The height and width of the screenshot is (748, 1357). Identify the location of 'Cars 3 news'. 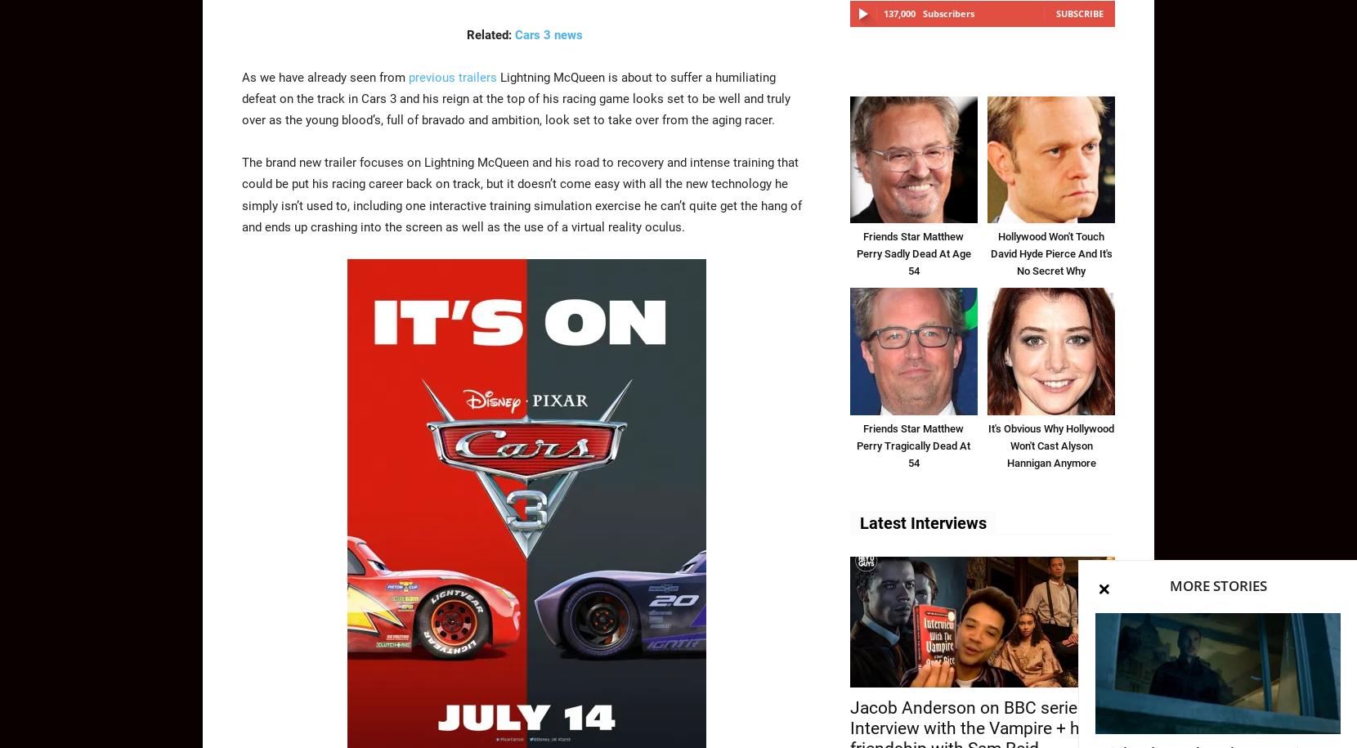
(548, 34).